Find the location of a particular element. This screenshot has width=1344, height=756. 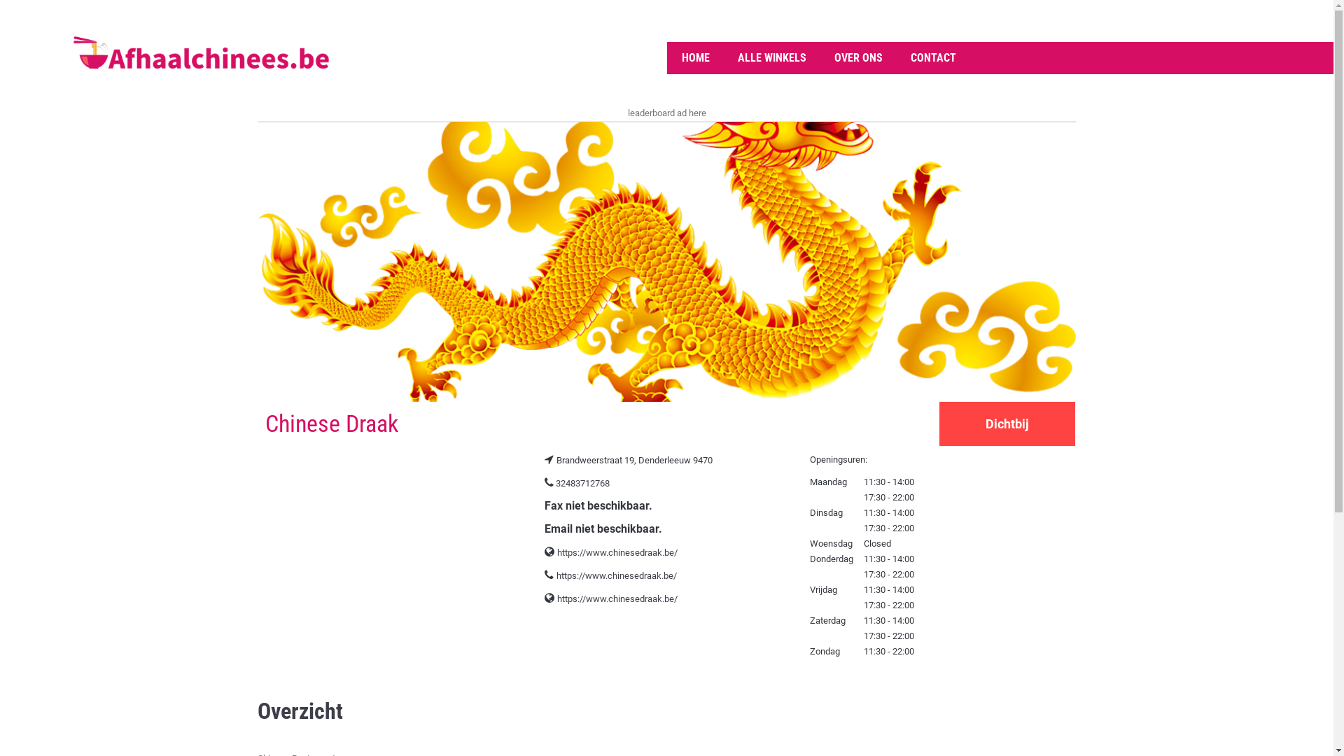

'32483712768' is located at coordinates (554, 482).